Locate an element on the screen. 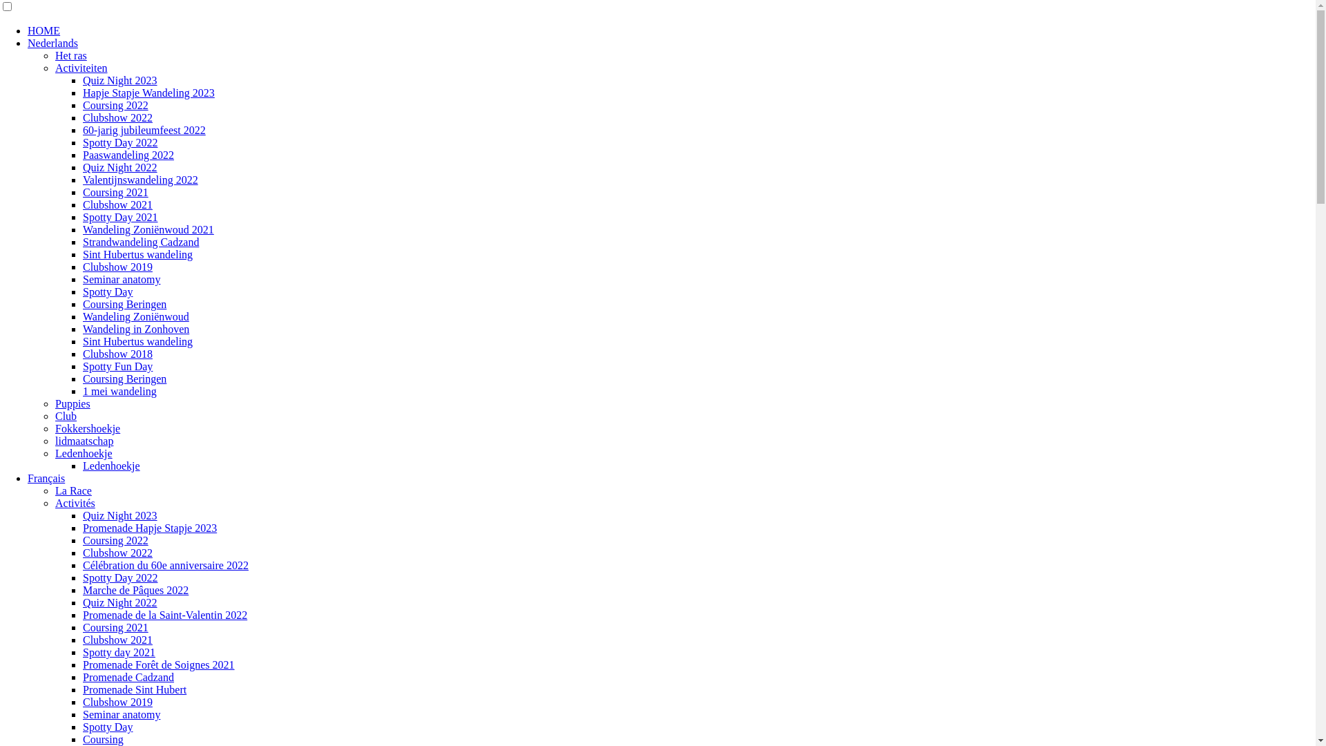 This screenshot has height=746, width=1326. 'Coursing 2021' is located at coordinates (115, 627).